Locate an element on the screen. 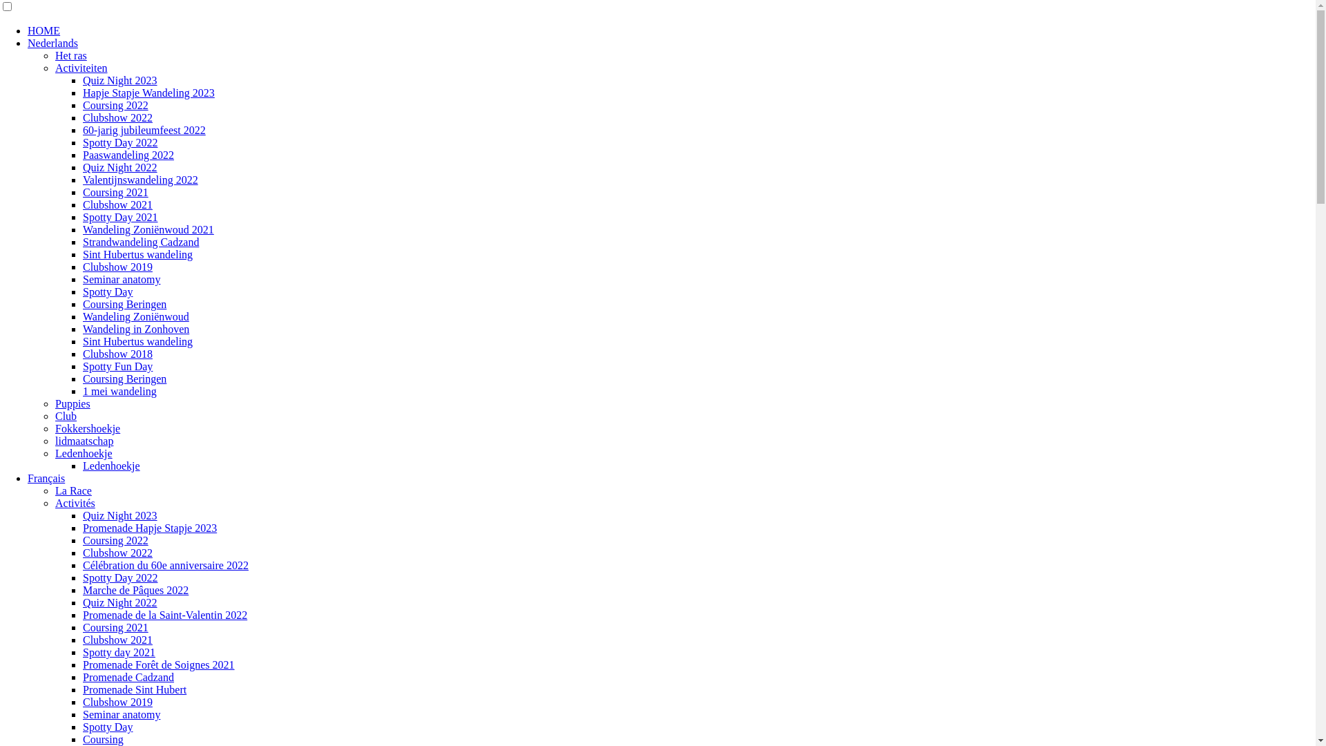 This screenshot has height=746, width=1326. 'Coursing 2021' is located at coordinates (115, 627).